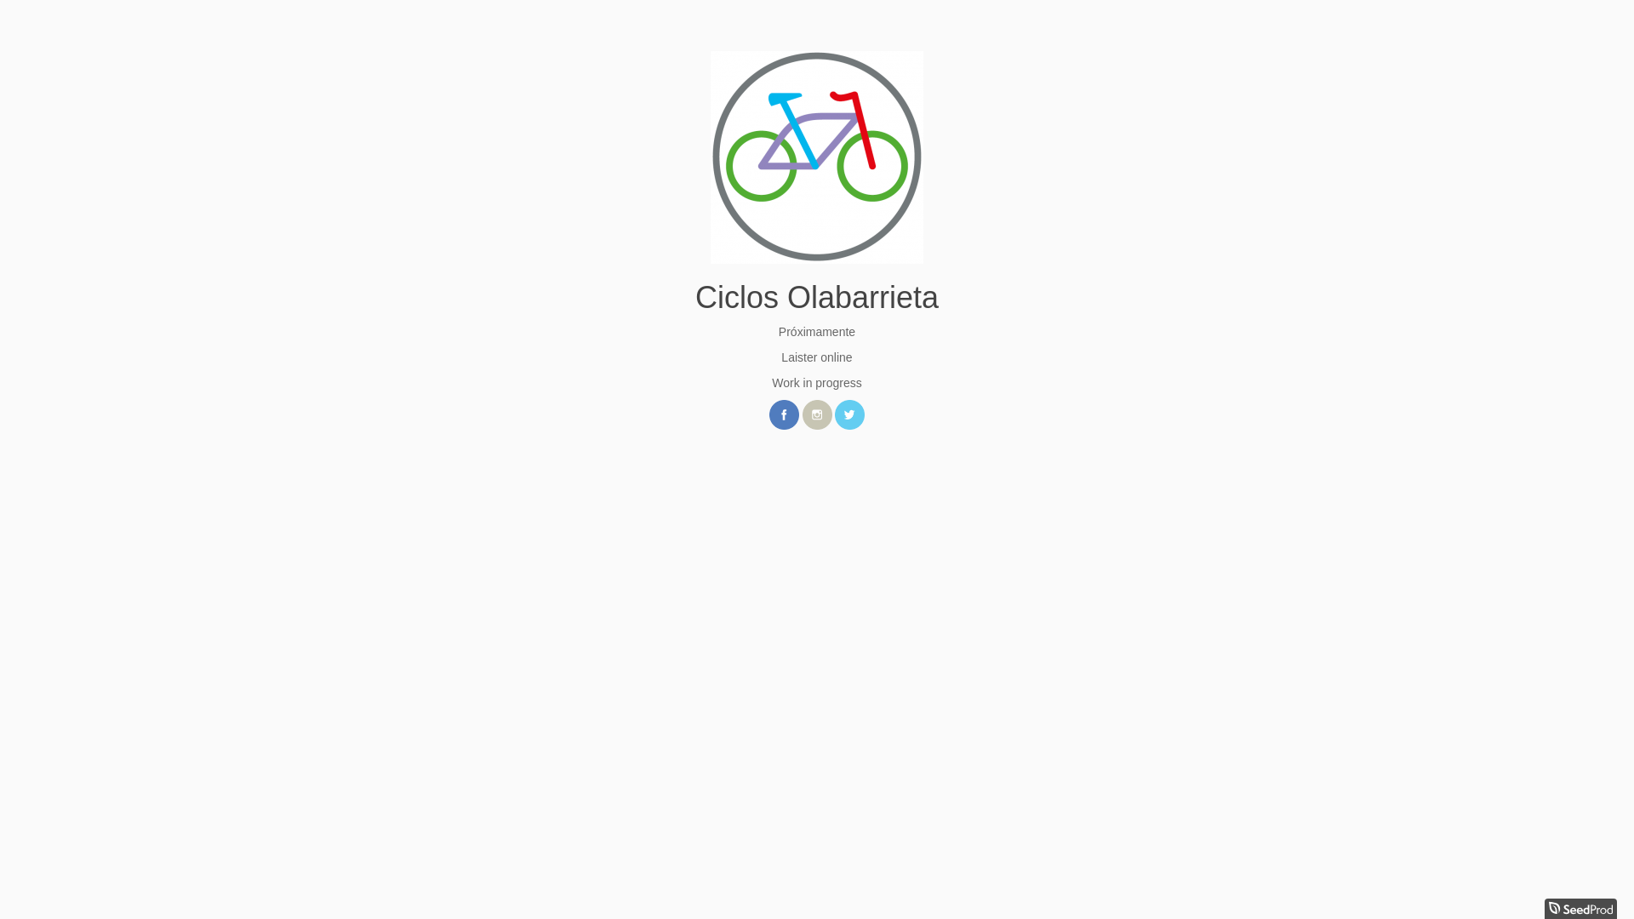 The image size is (1634, 919). What do you see at coordinates (768, 414) in the screenshot?
I see `'Facebook'` at bounding box center [768, 414].